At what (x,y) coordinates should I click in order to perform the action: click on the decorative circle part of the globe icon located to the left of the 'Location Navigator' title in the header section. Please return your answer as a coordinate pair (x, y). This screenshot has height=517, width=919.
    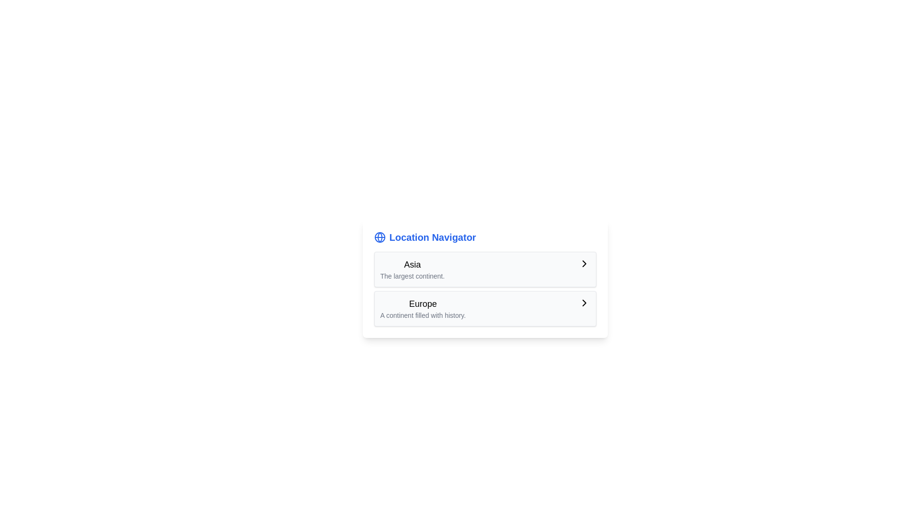
    Looking at the image, I should click on (379, 237).